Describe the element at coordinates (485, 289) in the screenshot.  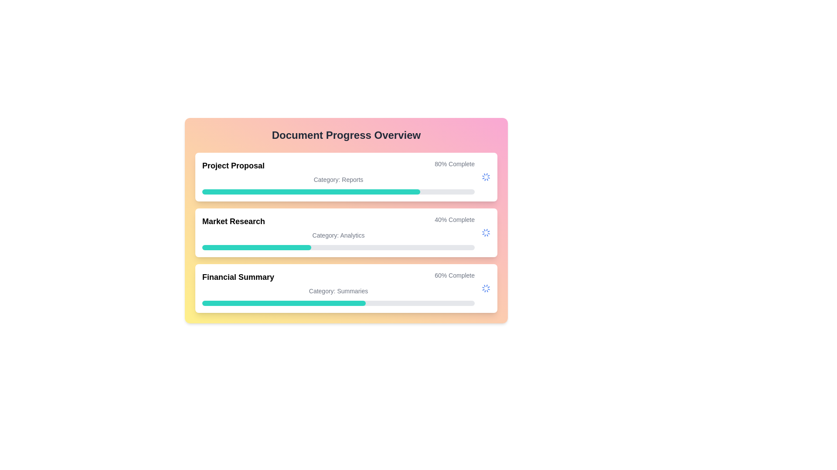
I see `the Loader/Spinner Icon located in the 'Financial Summary' section, positioned to the right of '60% Complete' and adjacent to the progress bar` at that location.